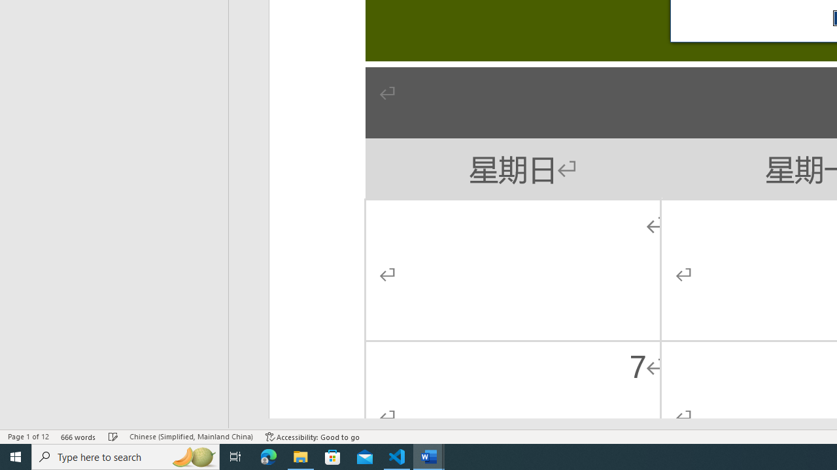 The image size is (837, 470). Describe the element at coordinates (312, 437) in the screenshot. I see `'Accessibility Checker Accessibility: Good to go'` at that location.